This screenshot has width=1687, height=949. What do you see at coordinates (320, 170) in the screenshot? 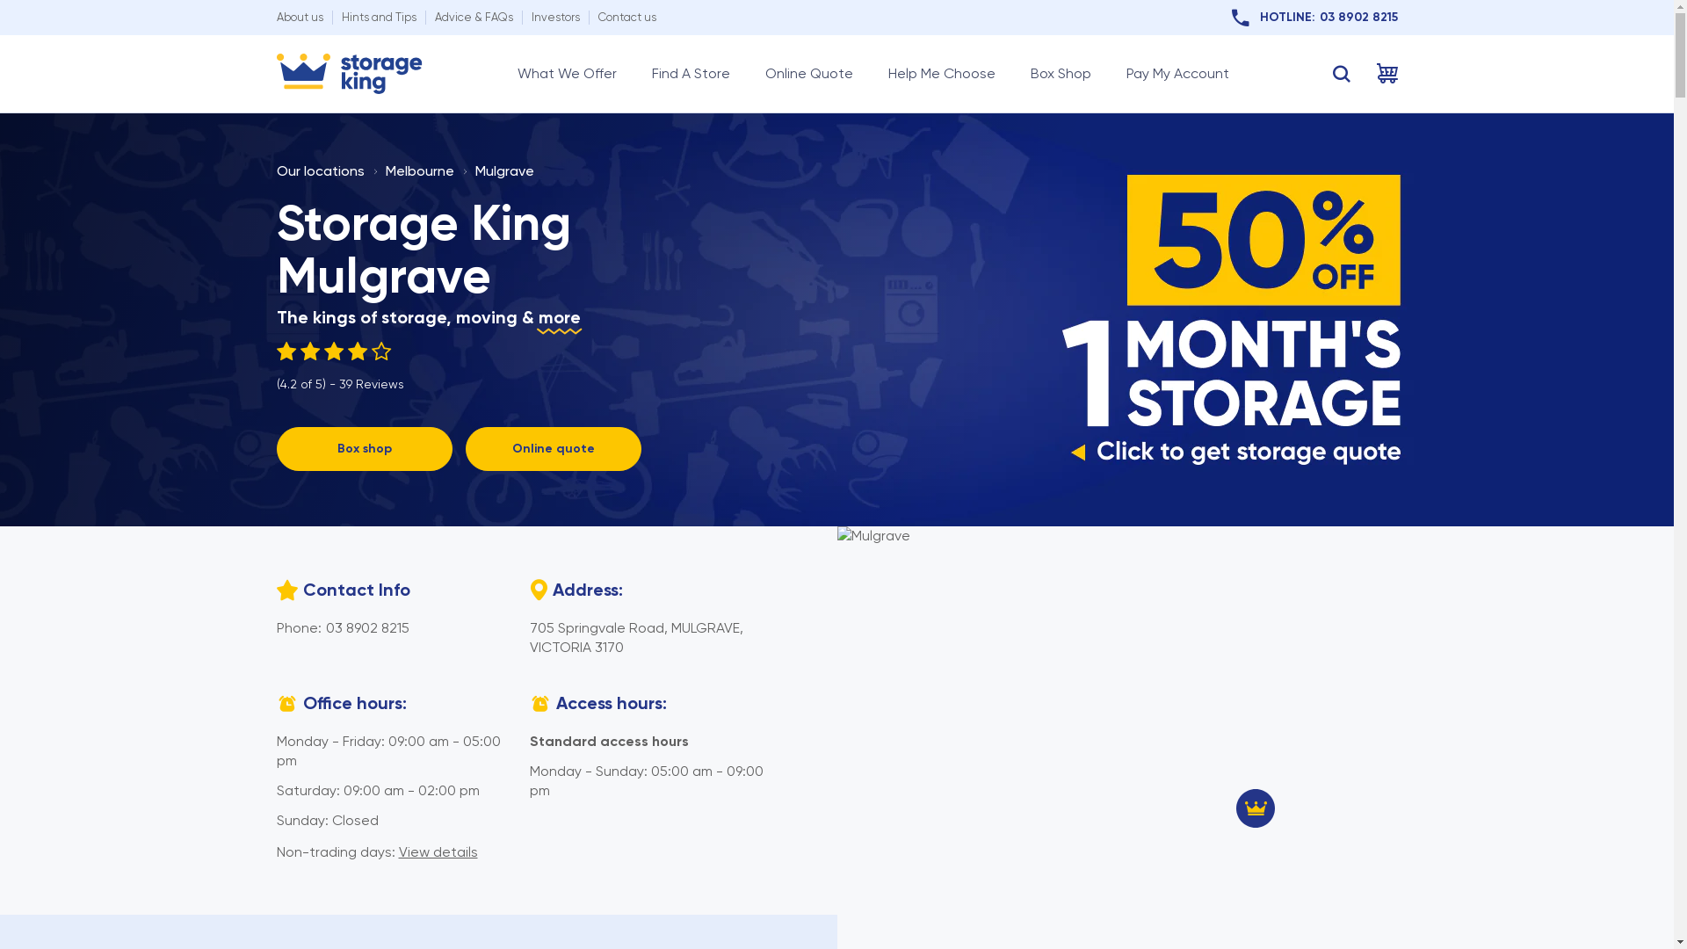
I see `'Our locations'` at bounding box center [320, 170].